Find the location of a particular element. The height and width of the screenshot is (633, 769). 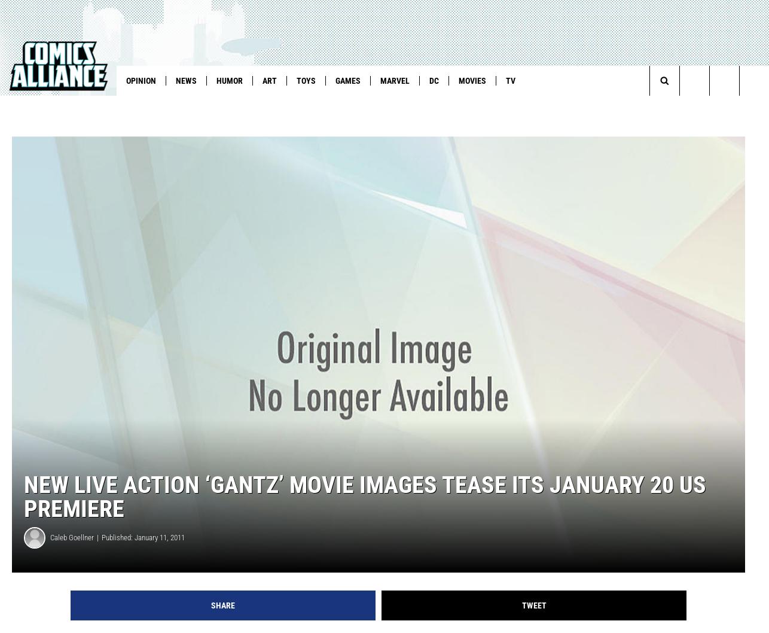

'Trending:' is located at coordinates (28, 105).